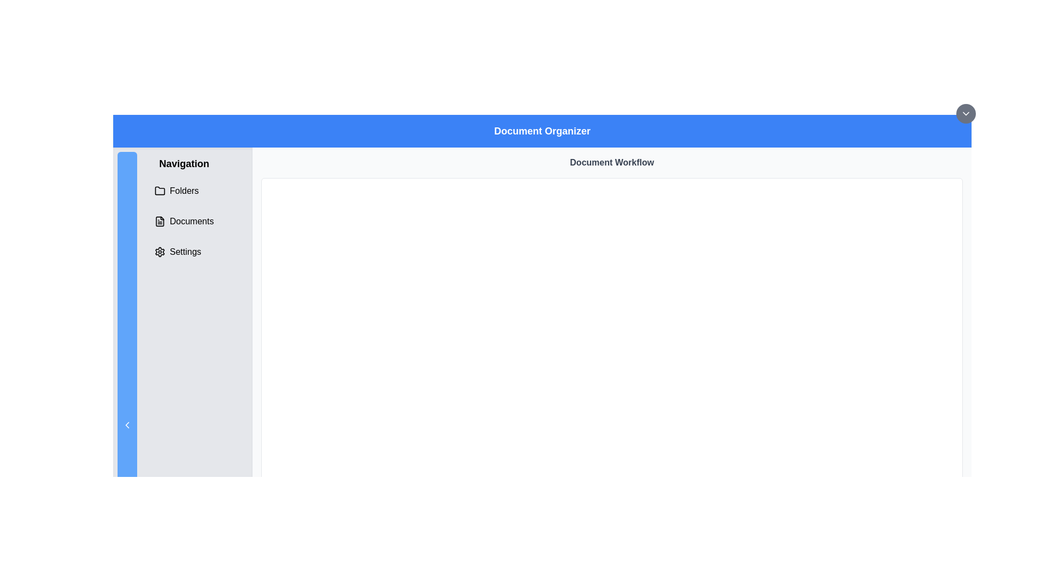 The image size is (1045, 588). What do you see at coordinates (184, 252) in the screenshot?
I see `the third item in the Navigation menu, which is a navigational link that redirects to the settings configuration page` at bounding box center [184, 252].